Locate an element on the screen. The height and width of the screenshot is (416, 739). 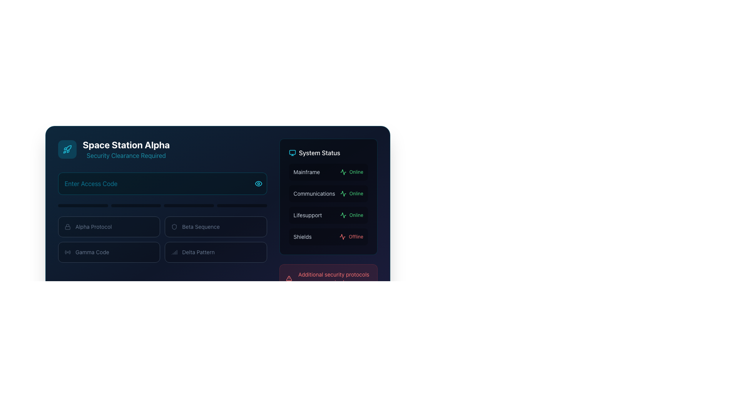
the 'Communications' system status indicator, which shows 'Online' with a green marker, located as the second item under 'System Status' is located at coordinates (328, 204).